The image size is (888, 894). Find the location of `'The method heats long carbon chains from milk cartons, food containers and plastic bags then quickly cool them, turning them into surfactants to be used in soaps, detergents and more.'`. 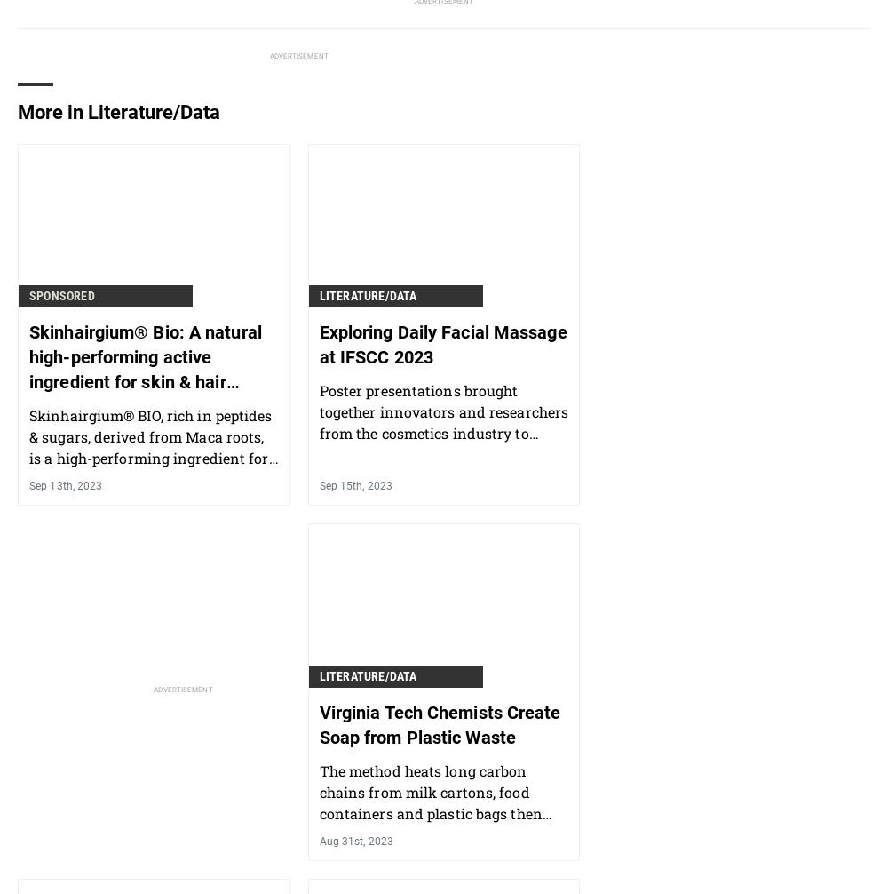

'The method heats long carbon chains from milk cartons, food containers and plastic bags then quickly cool them, turning them into surfactants to be used in soaps, detergents and more.' is located at coordinates (440, 822).